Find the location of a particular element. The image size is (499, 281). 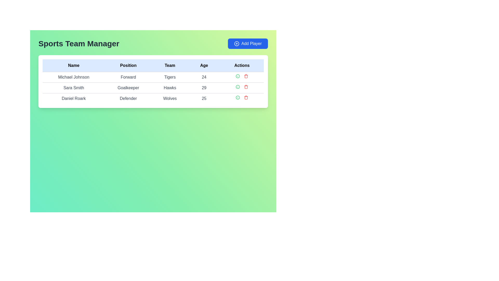

the text label displaying 'Goalkeeper' located in the 'Position' column of the table, which is in the second row and neighbors 'Sara Smith' and 'Hawks' is located at coordinates (128, 88).